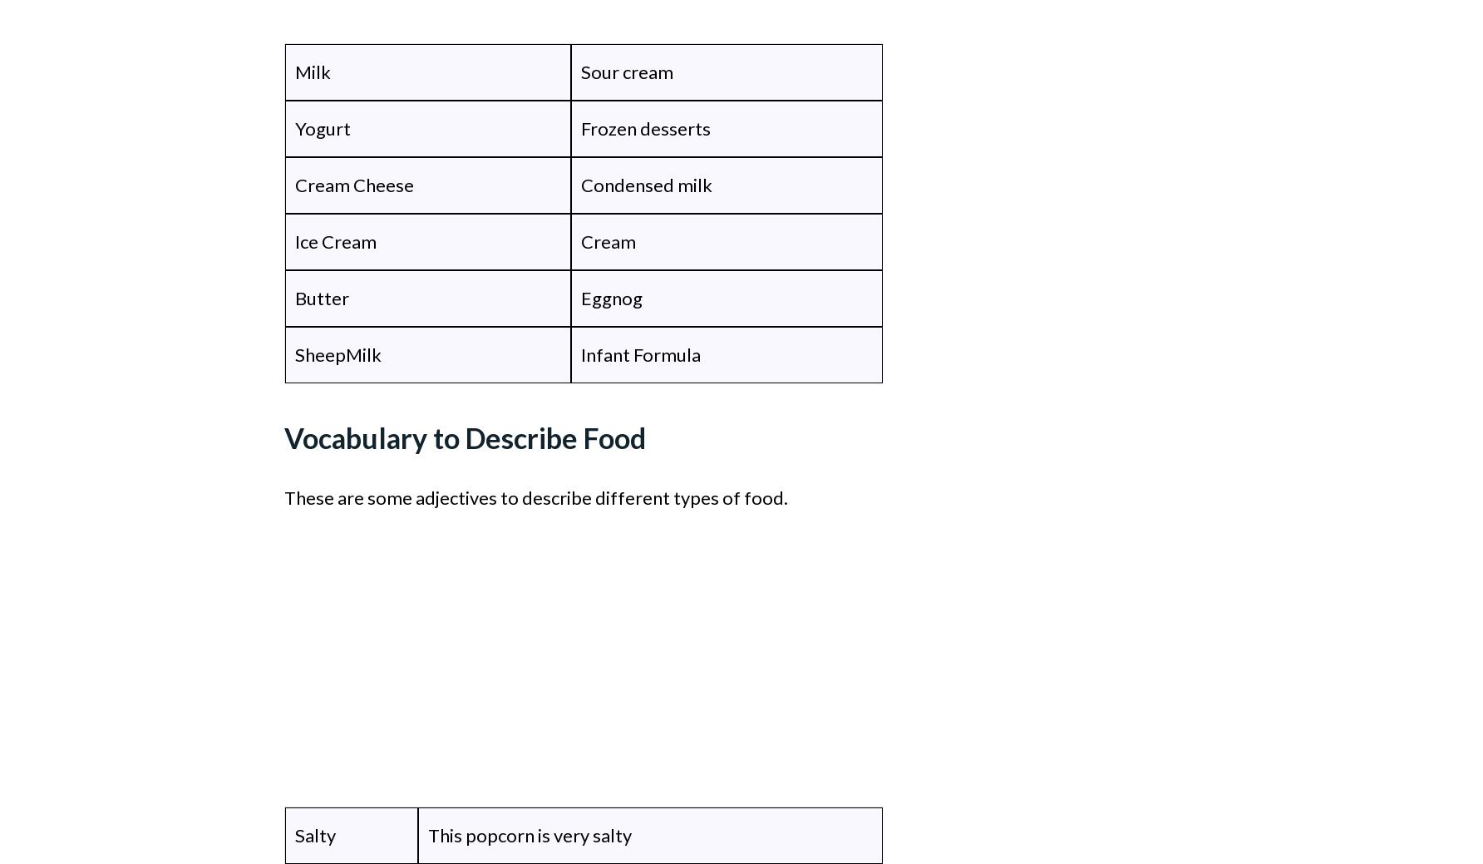 The height and width of the screenshot is (864, 1483). What do you see at coordinates (353, 185) in the screenshot?
I see `'Cream Cheese'` at bounding box center [353, 185].